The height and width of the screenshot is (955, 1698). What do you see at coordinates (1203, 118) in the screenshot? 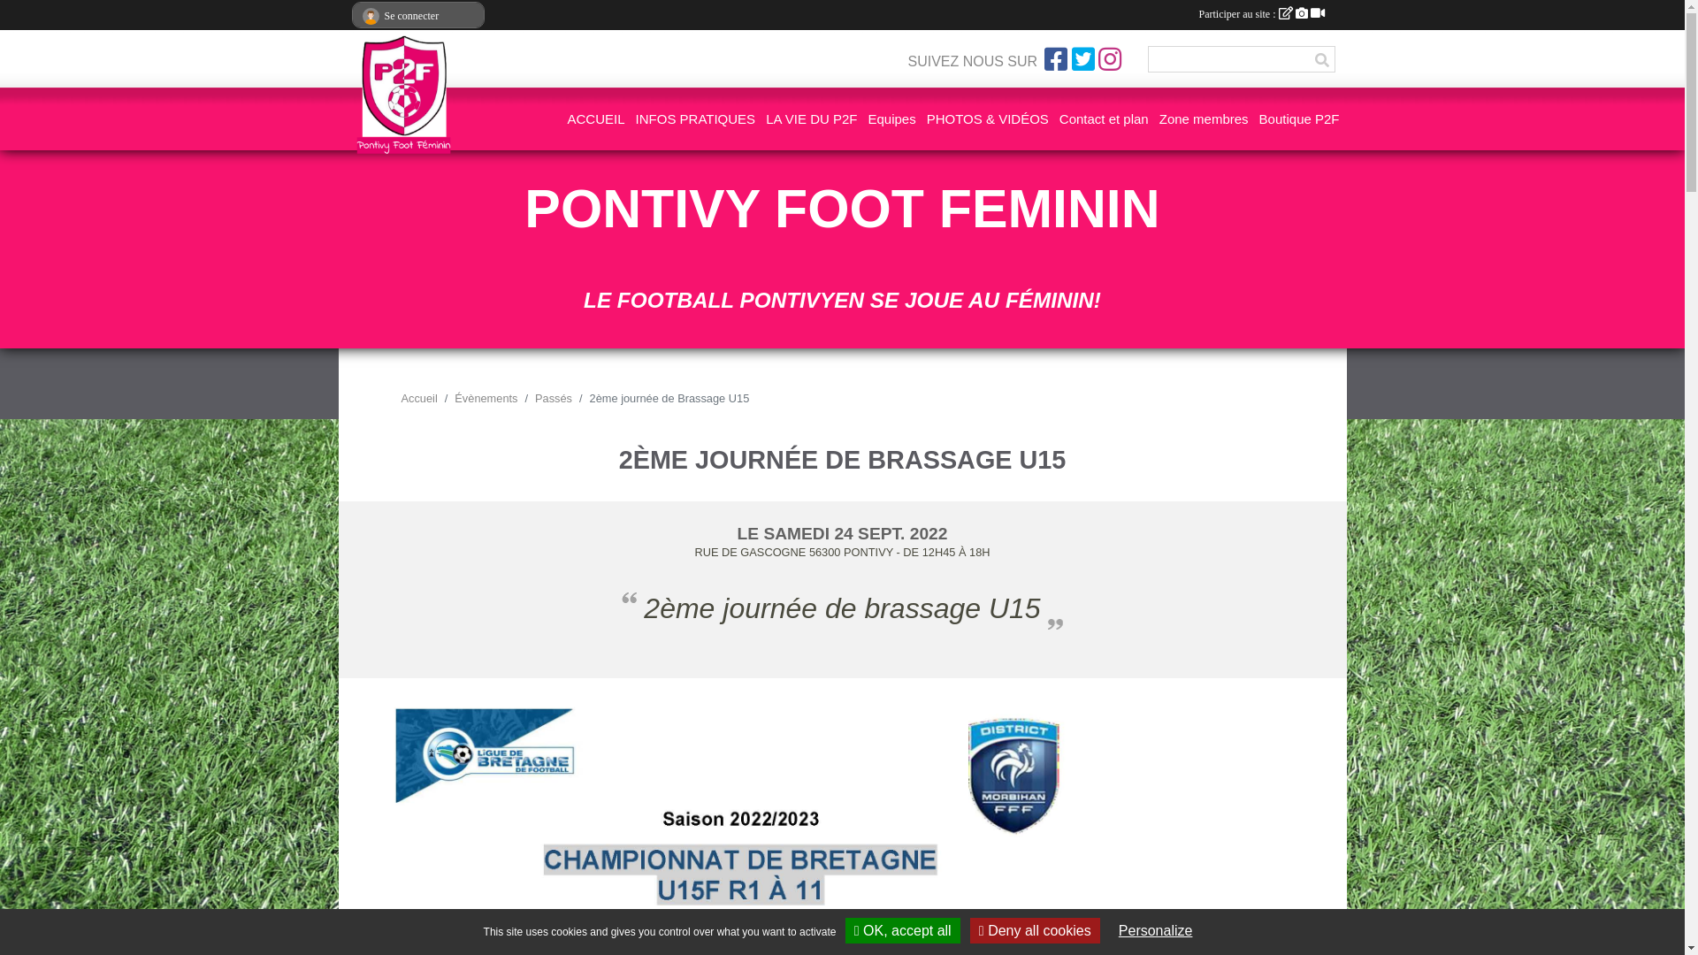
I see `'Zone membres'` at bounding box center [1203, 118].